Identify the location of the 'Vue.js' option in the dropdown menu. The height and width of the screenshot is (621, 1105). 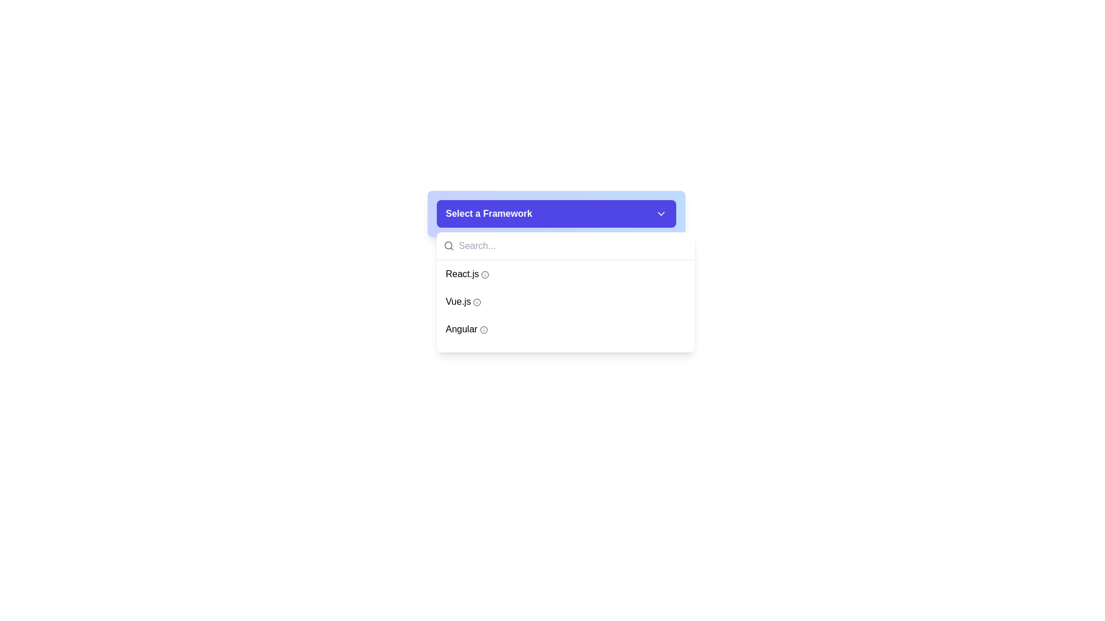
(565, 305).